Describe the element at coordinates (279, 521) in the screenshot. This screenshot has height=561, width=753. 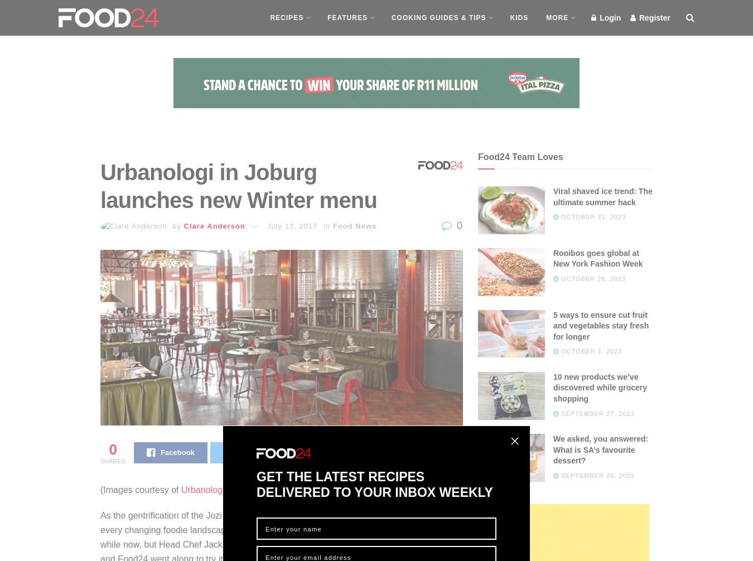
I see `'As the gentrification of the Jozi CBD continues, more and more exciting restaurants join the every changing foodie landscape of the Big City.'` at that location.